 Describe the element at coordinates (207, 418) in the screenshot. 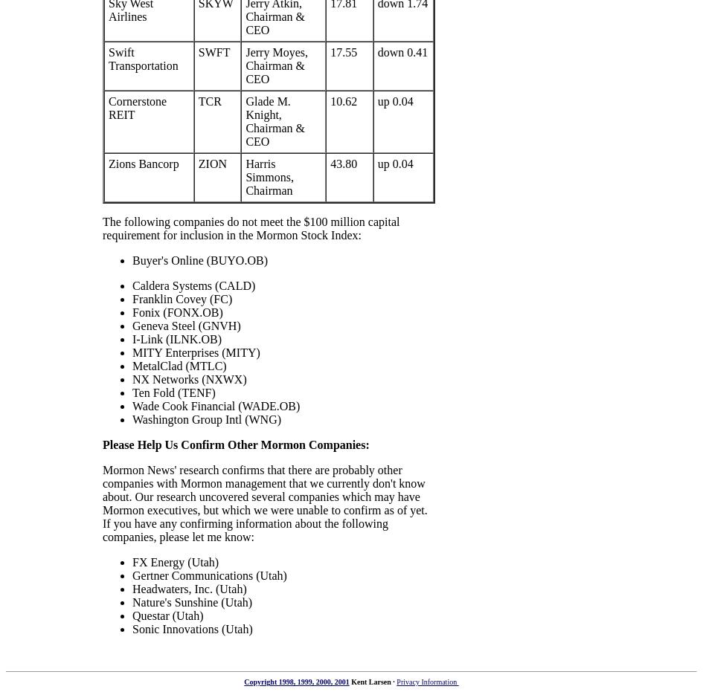

I see `'Washington Group Intl (WNG)'` at that location.